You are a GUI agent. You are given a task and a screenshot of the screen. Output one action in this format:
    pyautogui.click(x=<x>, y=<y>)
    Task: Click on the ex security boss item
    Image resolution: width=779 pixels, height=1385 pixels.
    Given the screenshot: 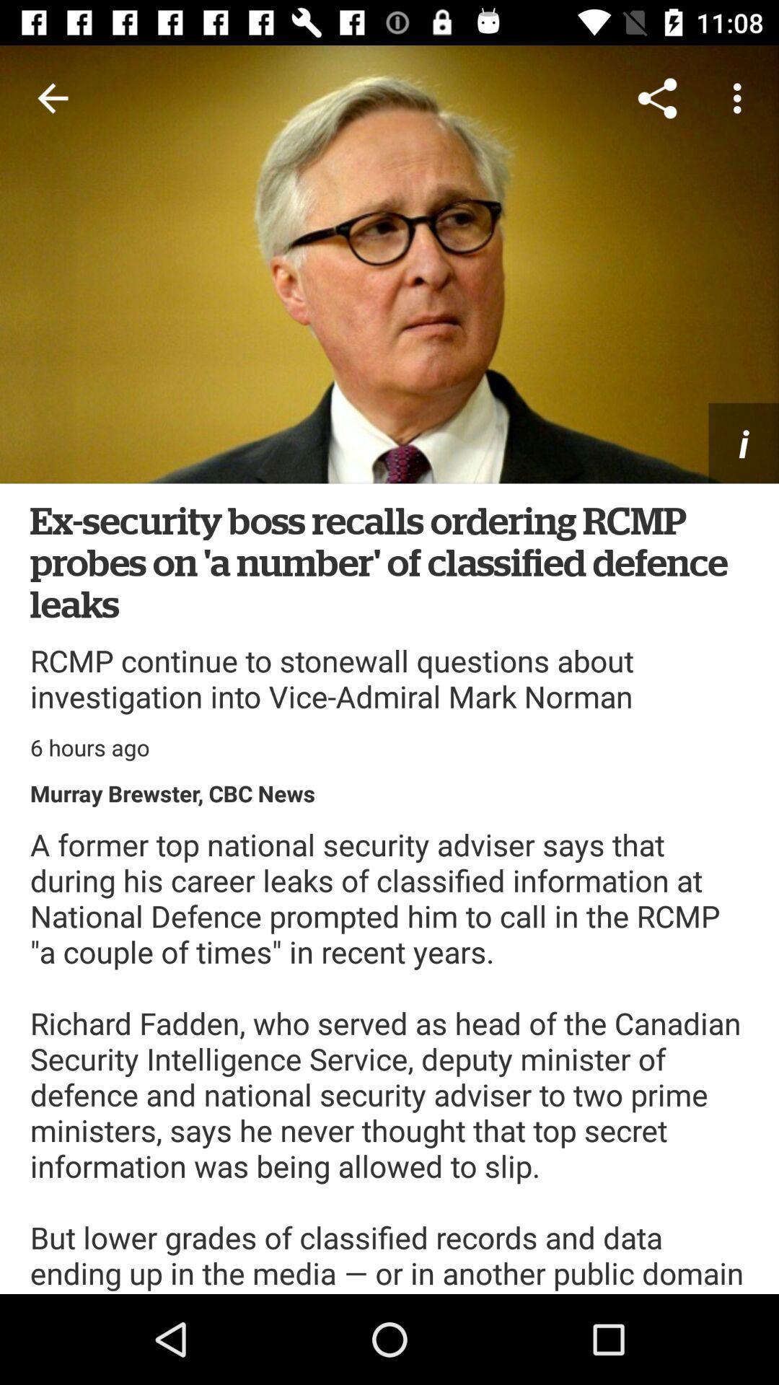 What is the action you would take?
    pyautogui.click(x=389, y=560)
    